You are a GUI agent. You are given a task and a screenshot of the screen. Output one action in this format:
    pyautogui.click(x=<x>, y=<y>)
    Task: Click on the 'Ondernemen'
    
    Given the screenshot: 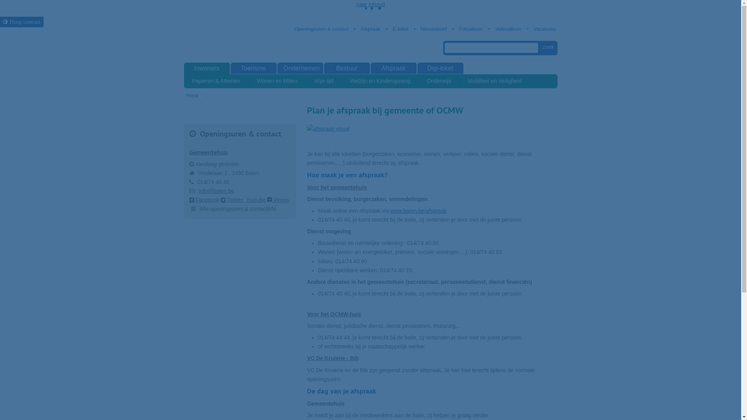 What is the action you would take?
    pyautogui.click(x=300, y=68)
    